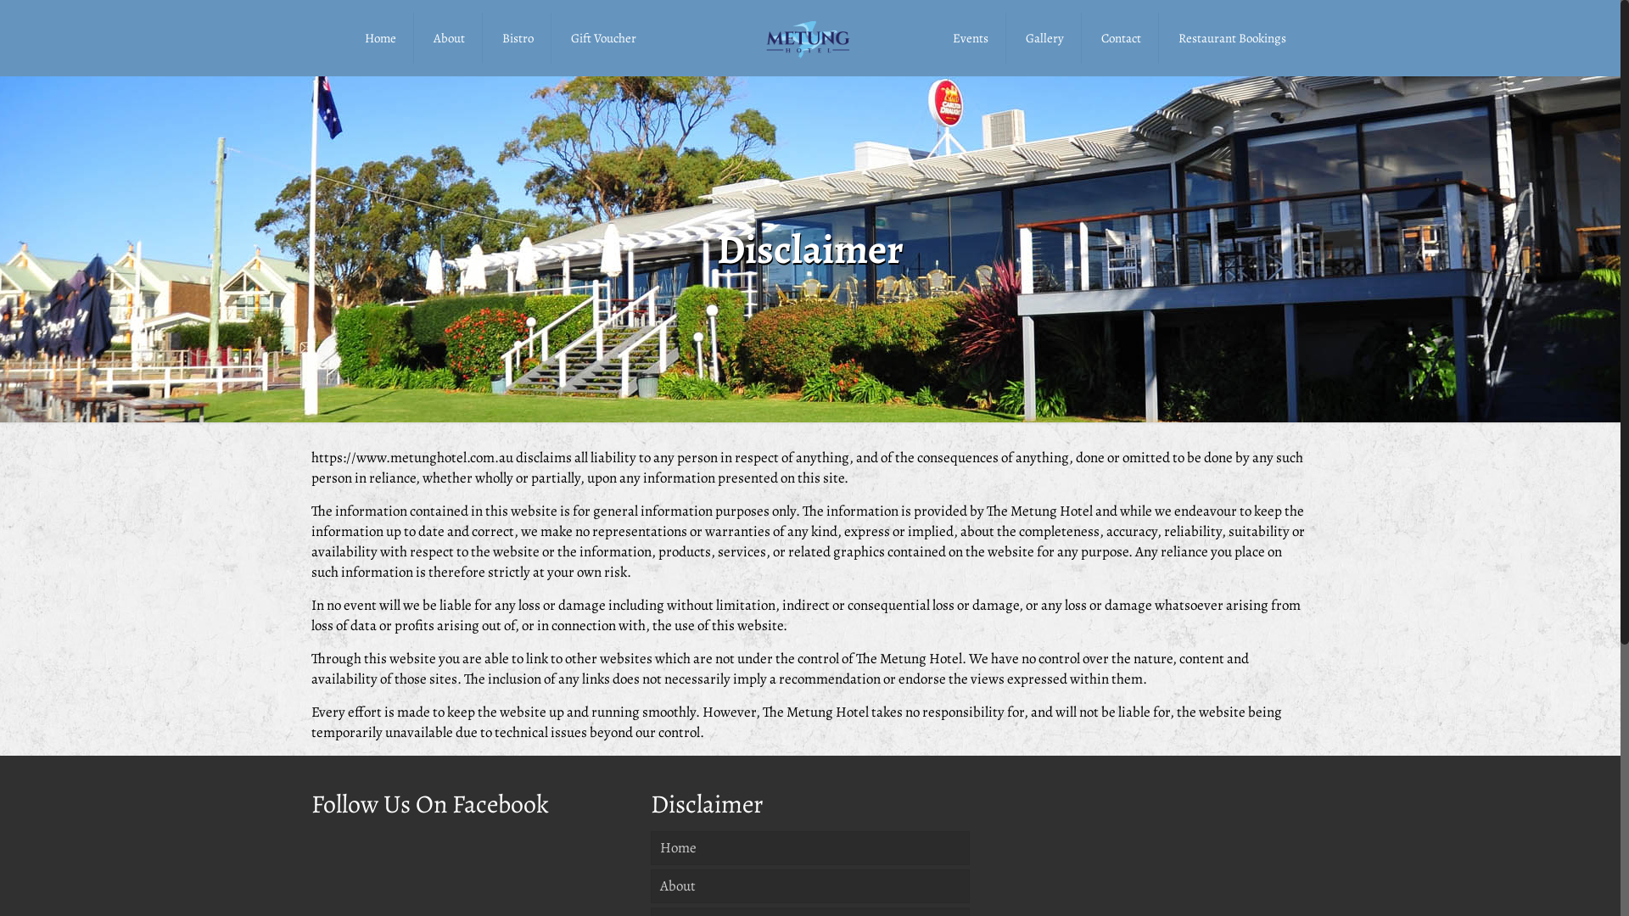 The width and height of the screenshot is (1629, 916). I want to click on 'Home', so click(809, 847).